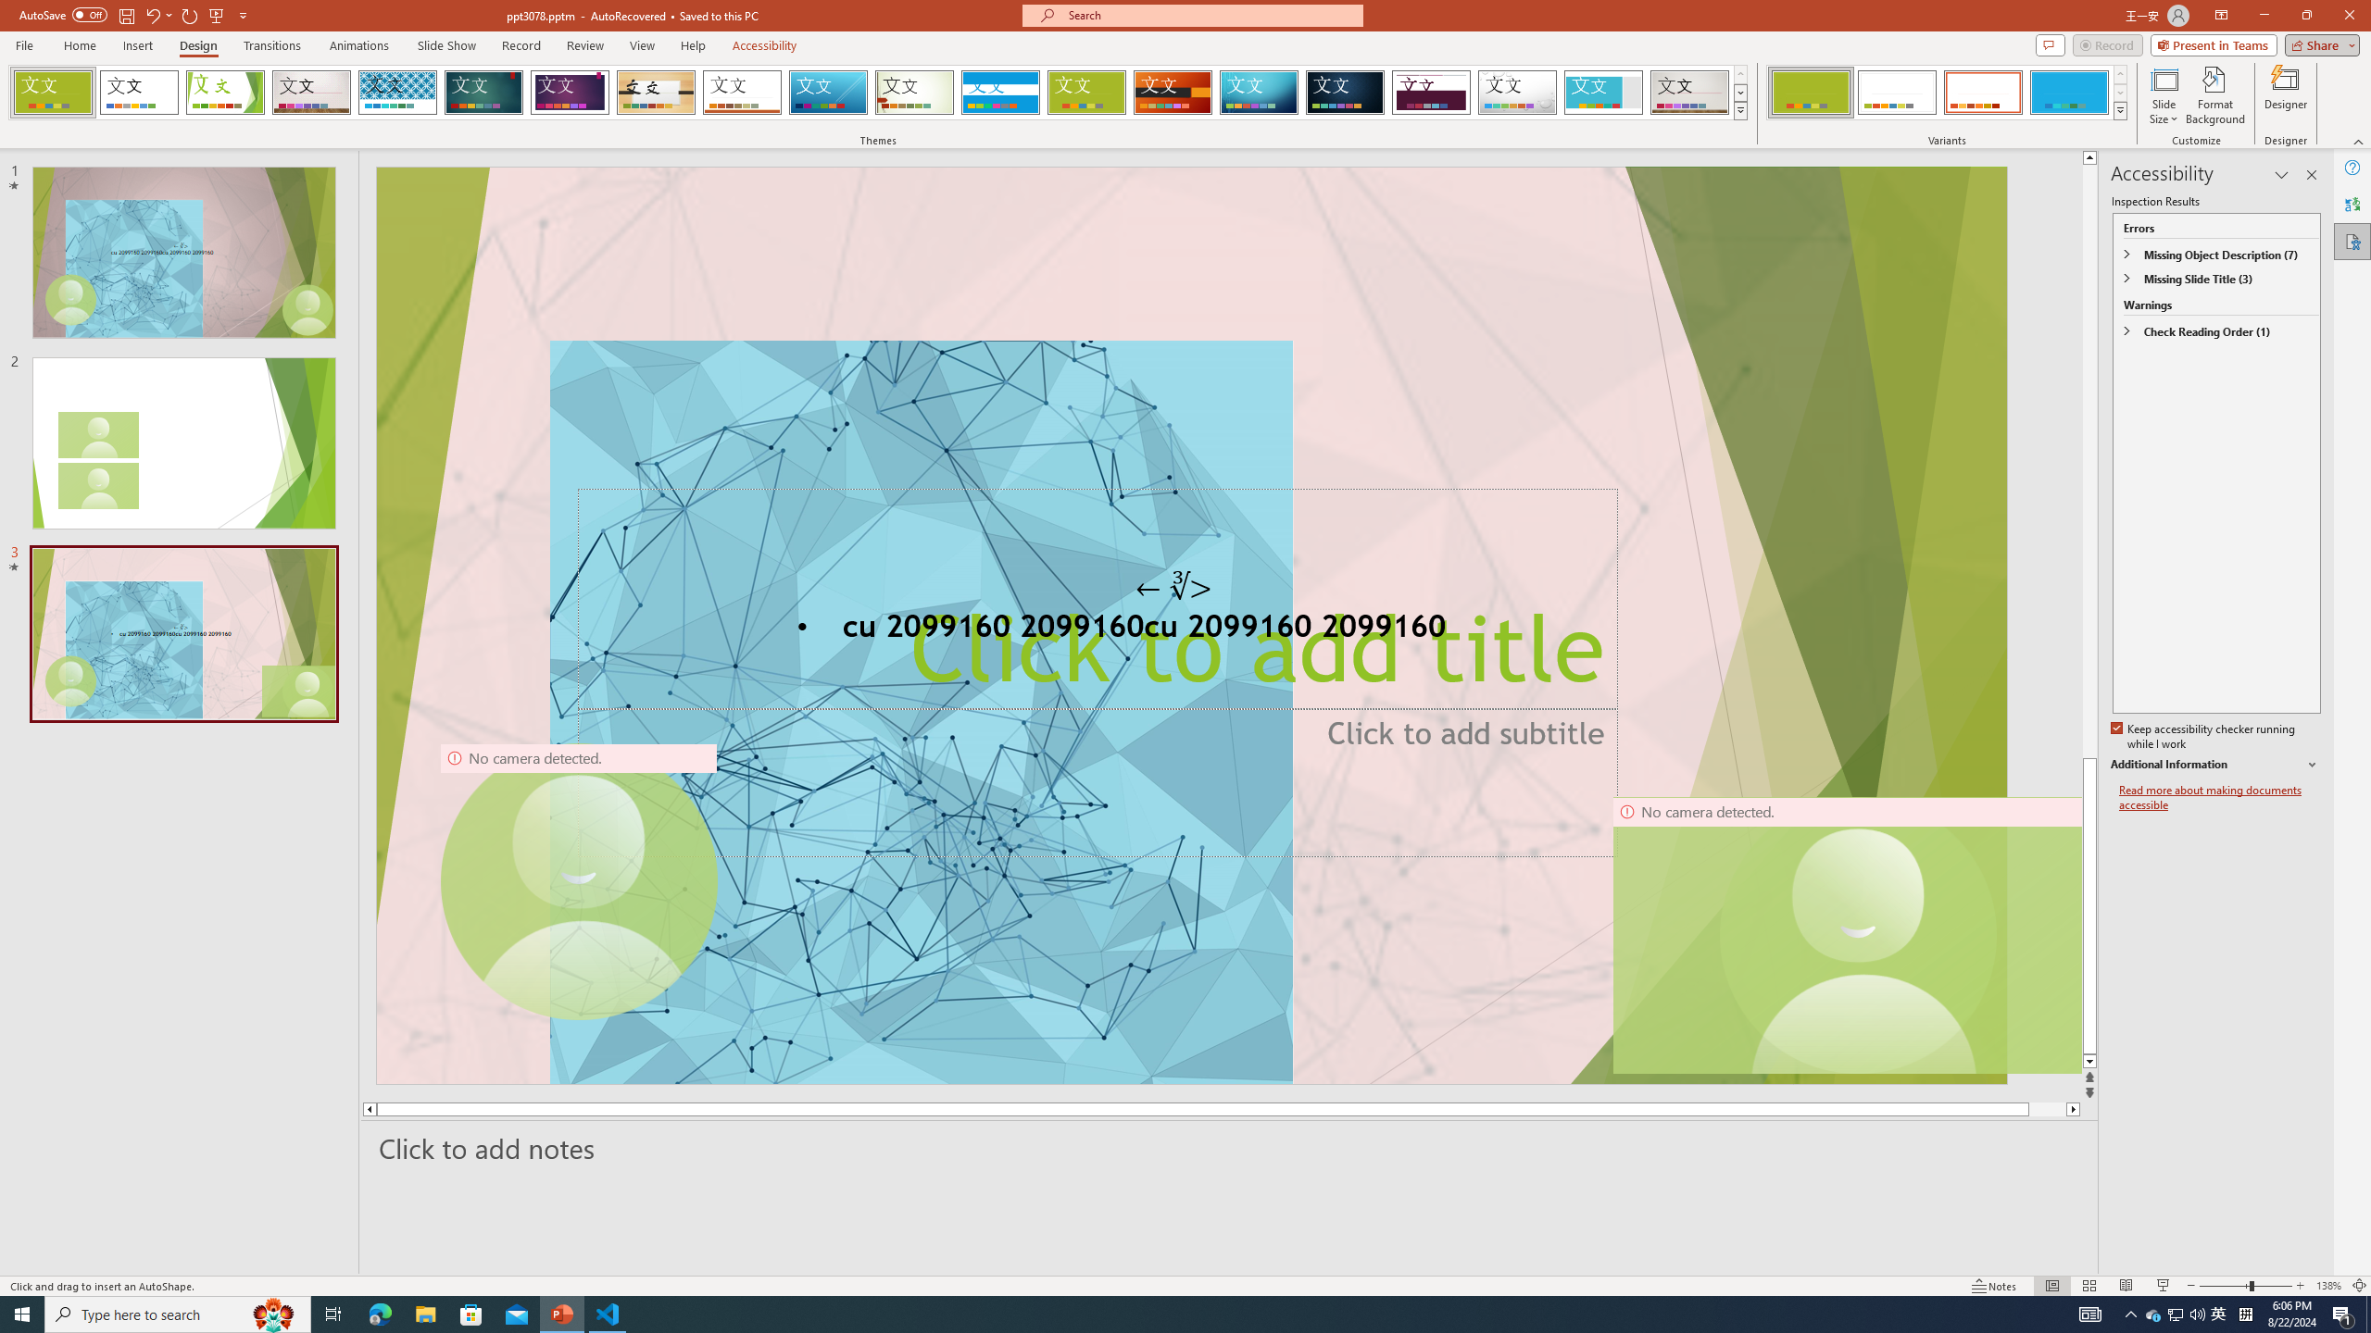 The image size is (2371, 1333). What do you see at coordinates (1740, 109) in the screenshot?
I see `'Themes'` at bounding box center [1740, 109].